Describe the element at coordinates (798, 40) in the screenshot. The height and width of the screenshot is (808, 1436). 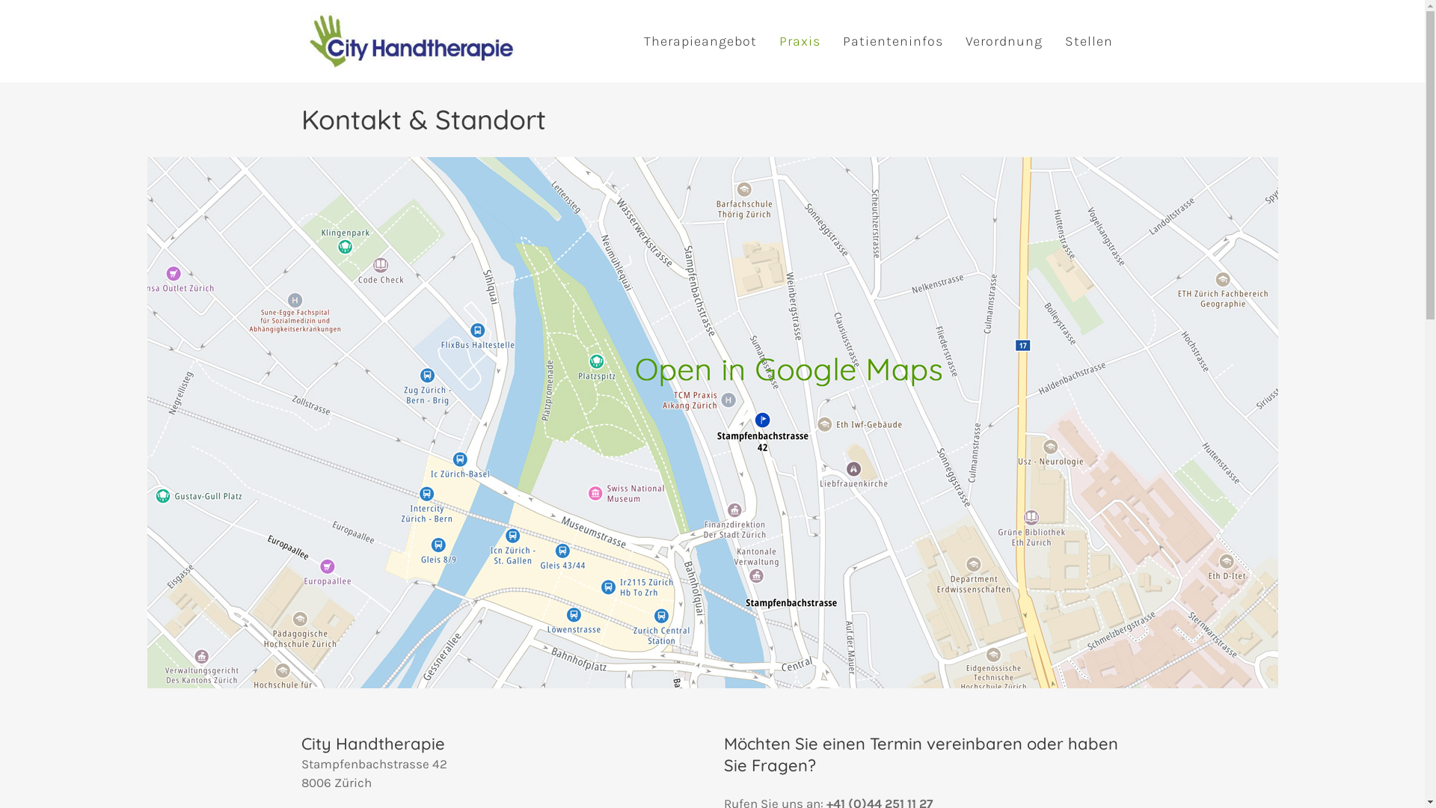
I see `'Praxis'` at that location.